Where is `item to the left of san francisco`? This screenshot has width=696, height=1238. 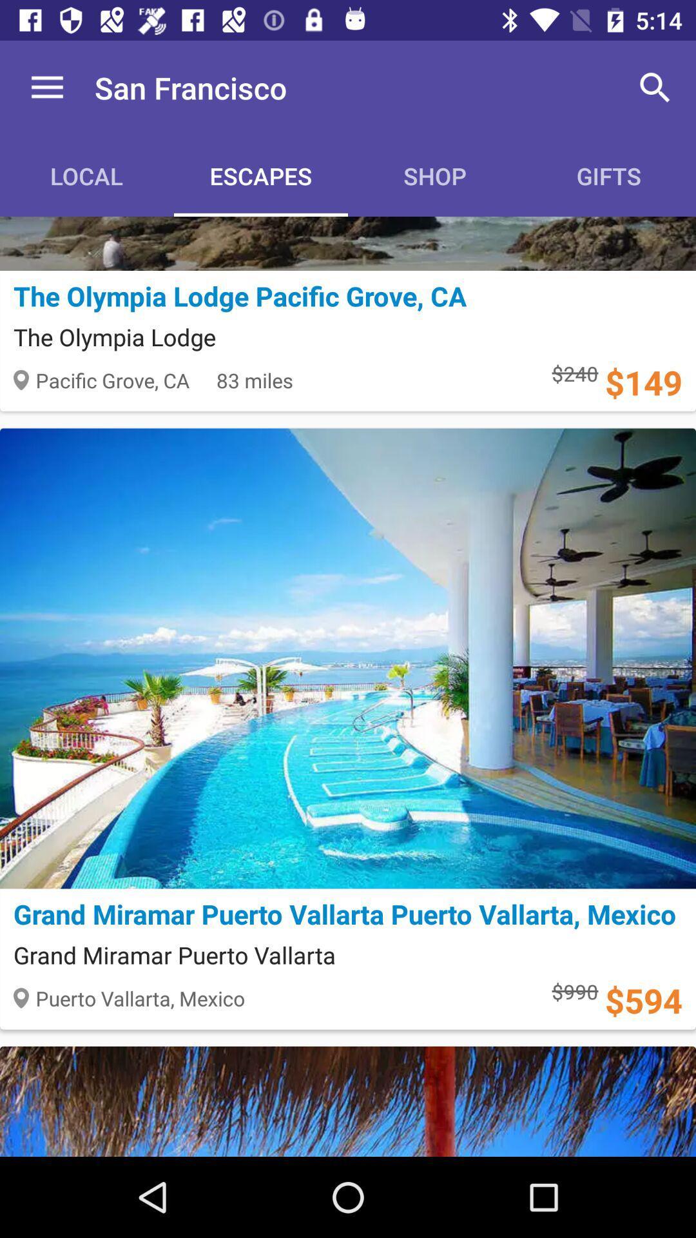 item to the left of san francisco is located at coordinates (46, 87).